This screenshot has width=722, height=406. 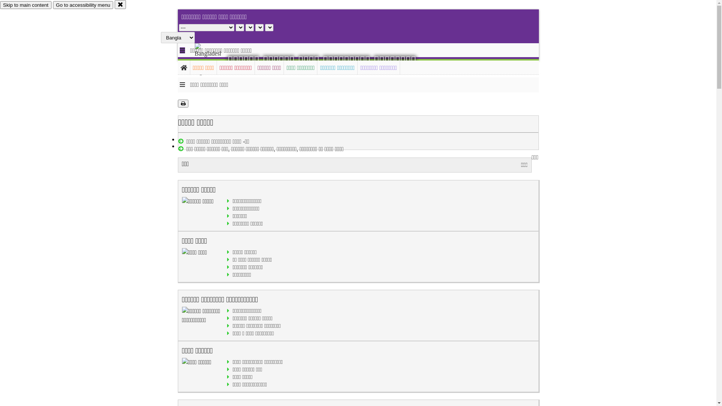 I want to click on 'Skip to main content', so click(x=26, y=5).